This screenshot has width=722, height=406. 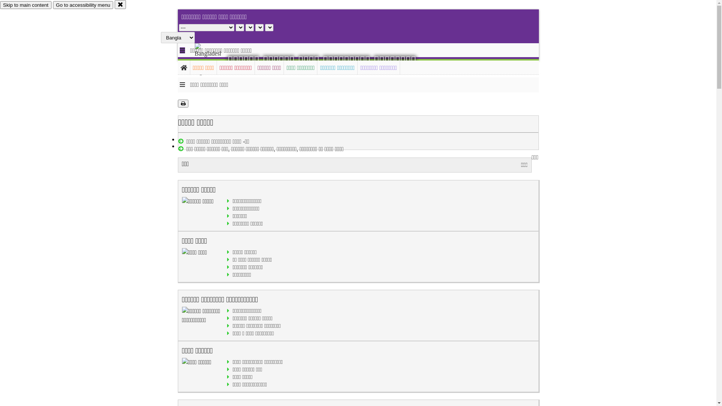 I want to click on 'Skip to main content', so click(x=26, y=5).